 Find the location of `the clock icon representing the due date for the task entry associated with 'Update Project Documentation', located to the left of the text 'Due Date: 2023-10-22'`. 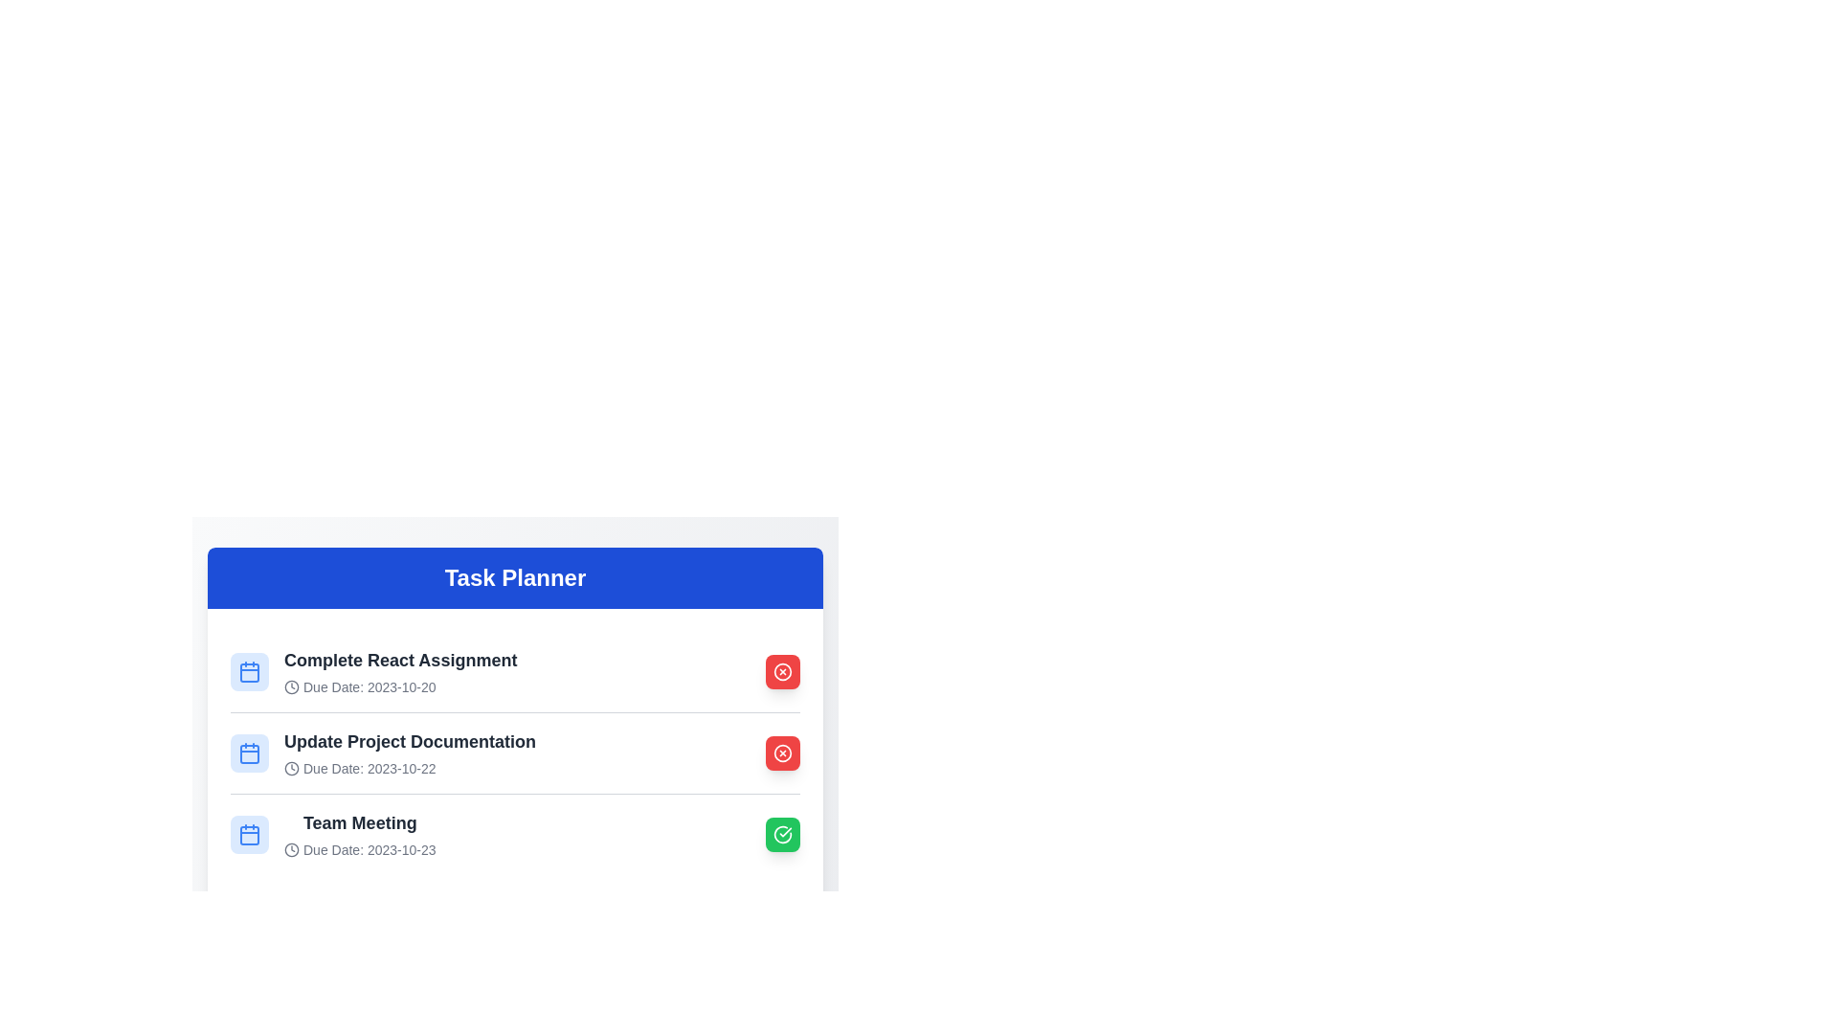

the clock icon representing the due date for the task entry associated with 'Update Project Documentation', located to the left of the text 'Due Date: 2023-10-22' is located at coordinates (291, 767).